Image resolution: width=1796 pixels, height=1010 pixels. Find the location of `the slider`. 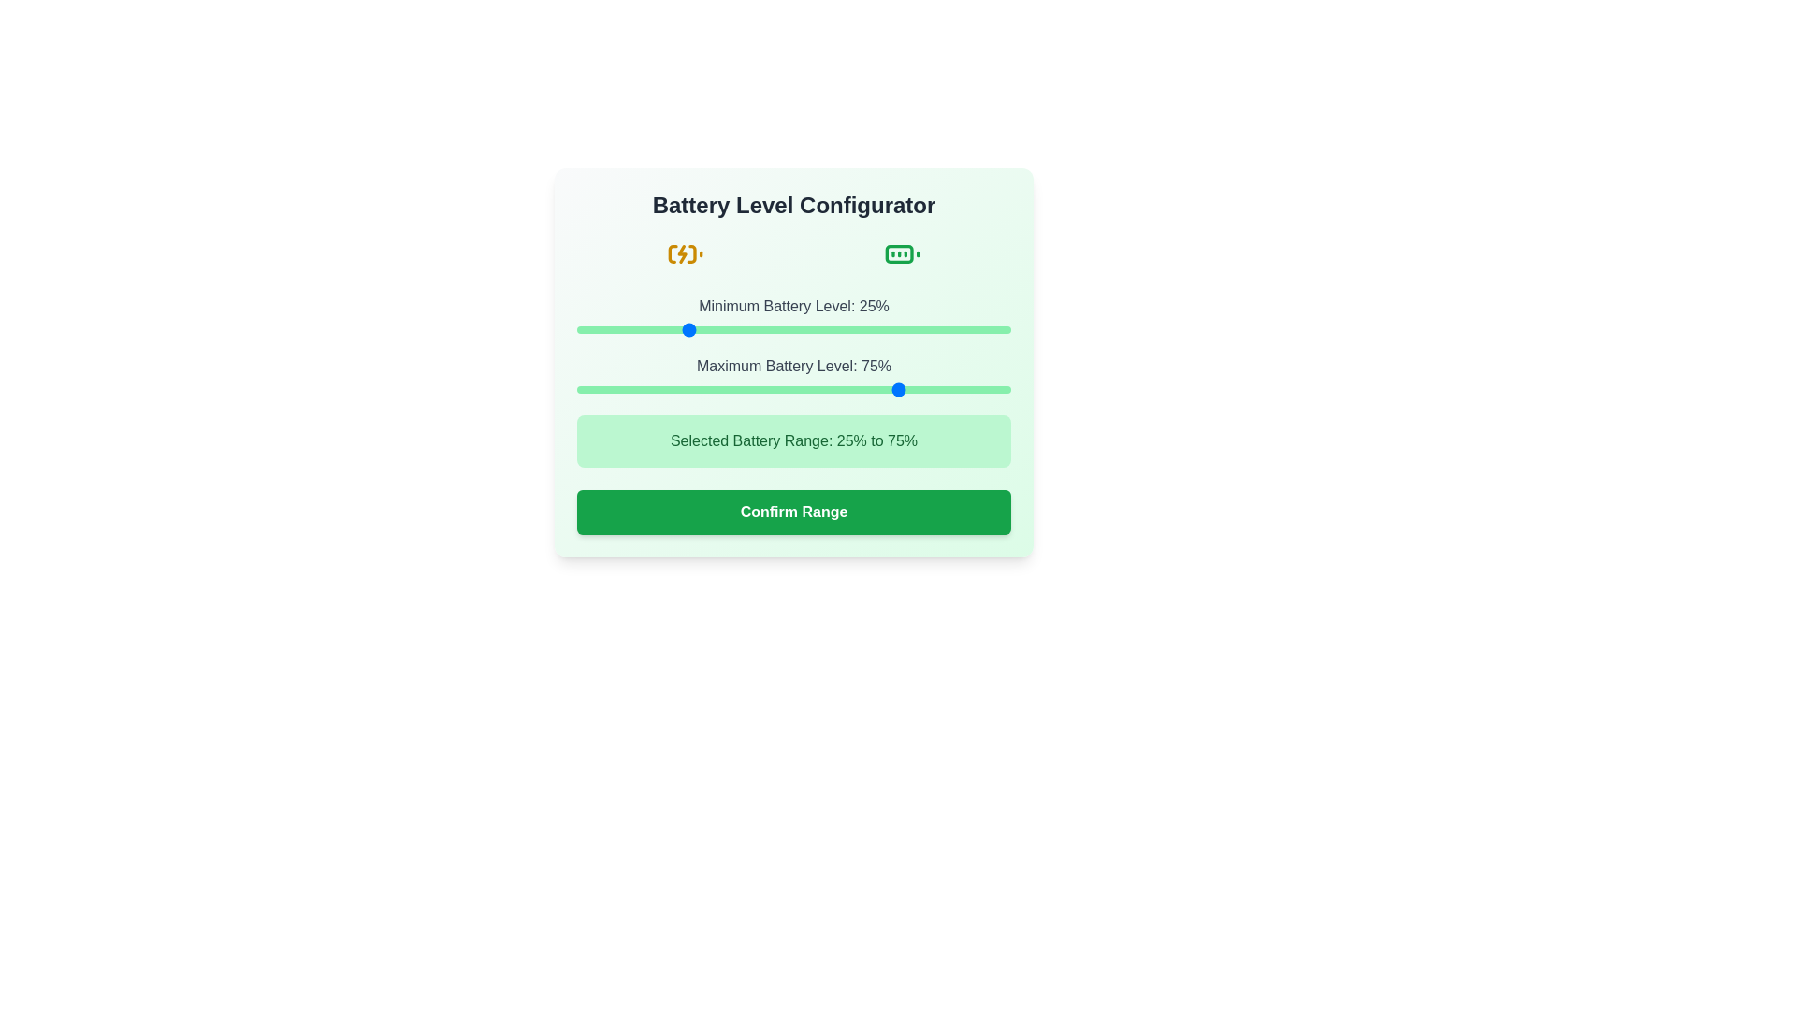

the slider is located at coordinates (911, 388).